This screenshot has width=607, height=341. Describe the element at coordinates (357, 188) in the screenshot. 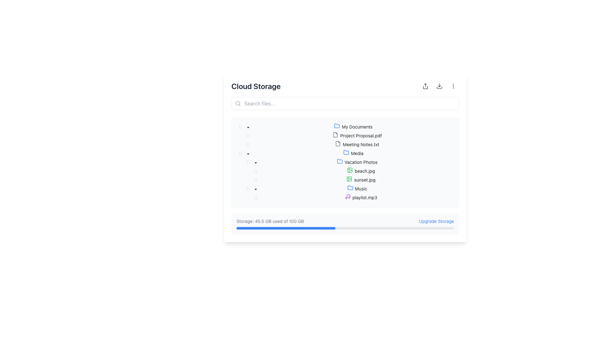

I see `the 'Music' folder in the tree view UI, which is represented by a blue folder icon and is located under the 'Media' folder in the 'Vacation Photos' section` at that location.